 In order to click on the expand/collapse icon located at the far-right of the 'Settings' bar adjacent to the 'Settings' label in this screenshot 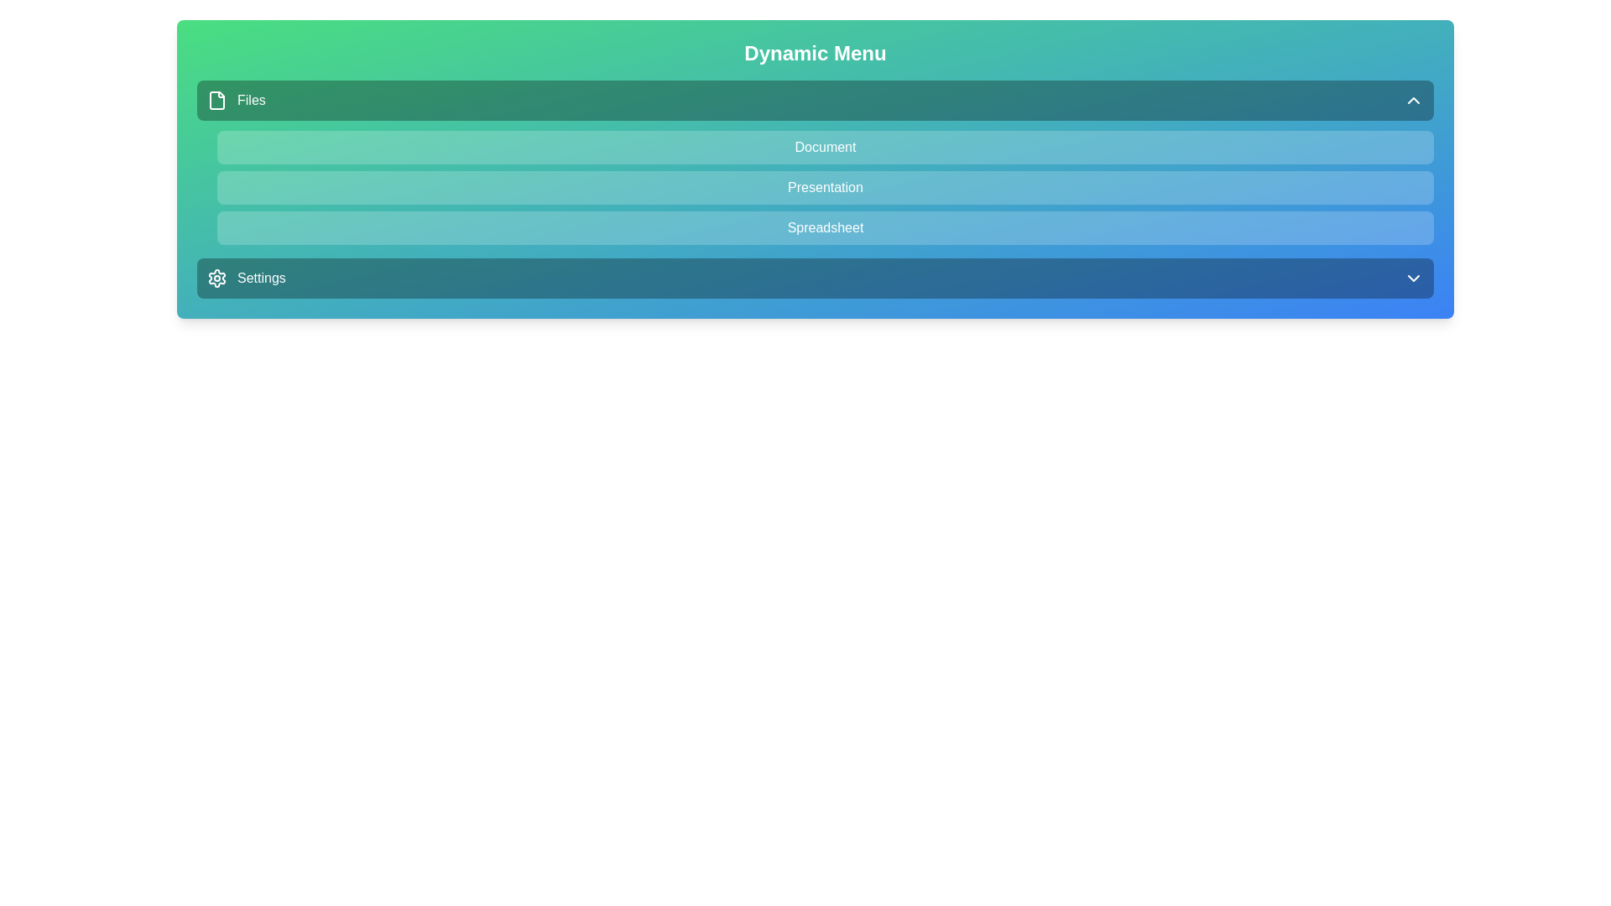, I will do `click(1412, 277)`.